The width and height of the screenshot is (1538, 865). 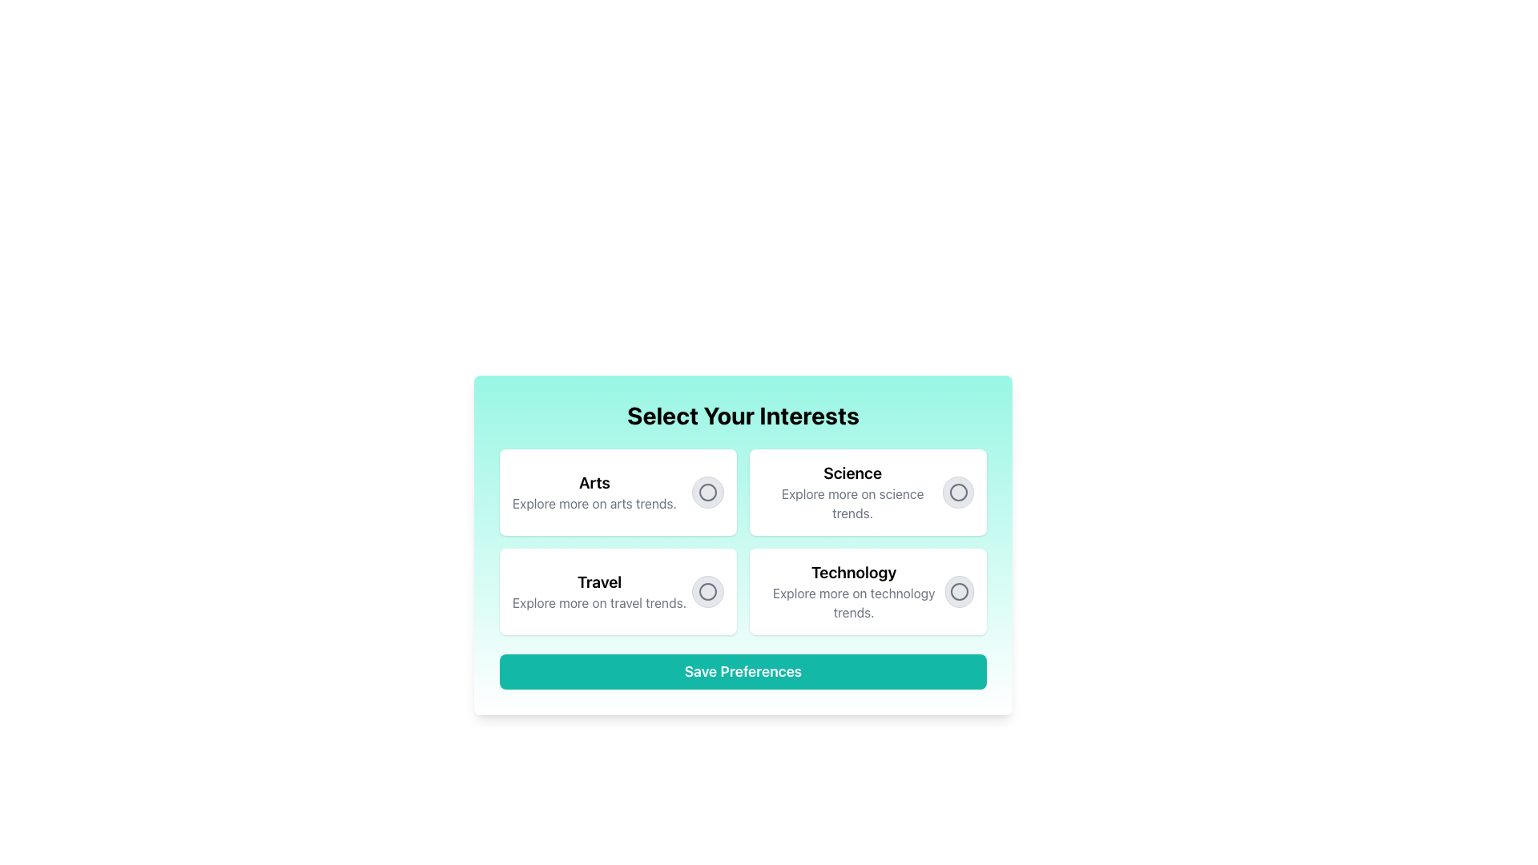 I want to click on the circular radio button located at the top right corner of the 'Arts' card, so click(x=707, y=491).